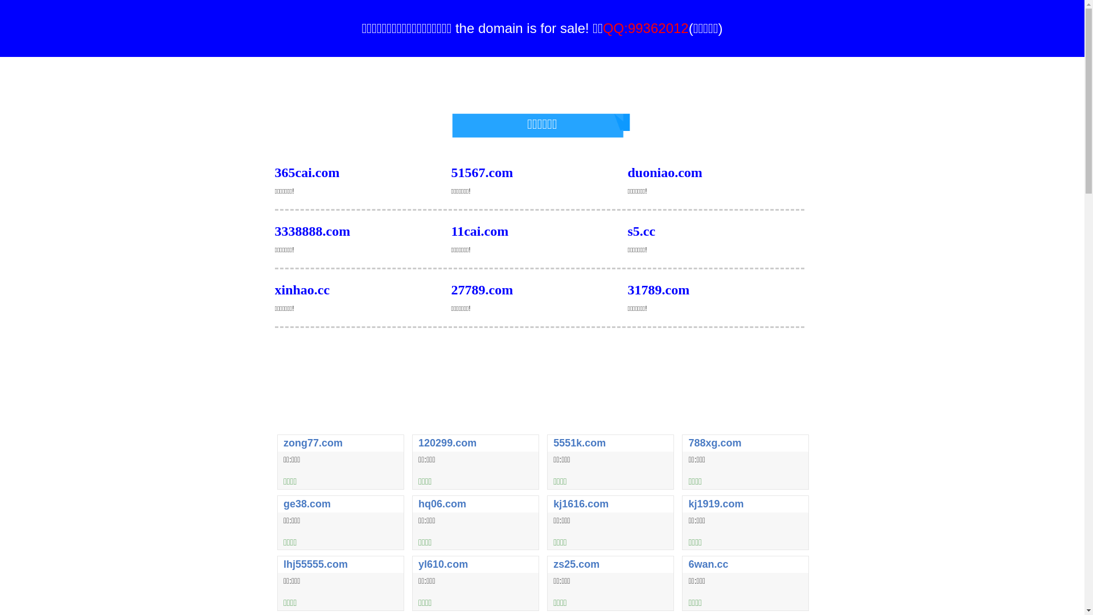 This screenshot has width=1093, height=615. Describe the element at coordinates (541, 401) in the screenshot. I see `'Advertisement'` at that location.